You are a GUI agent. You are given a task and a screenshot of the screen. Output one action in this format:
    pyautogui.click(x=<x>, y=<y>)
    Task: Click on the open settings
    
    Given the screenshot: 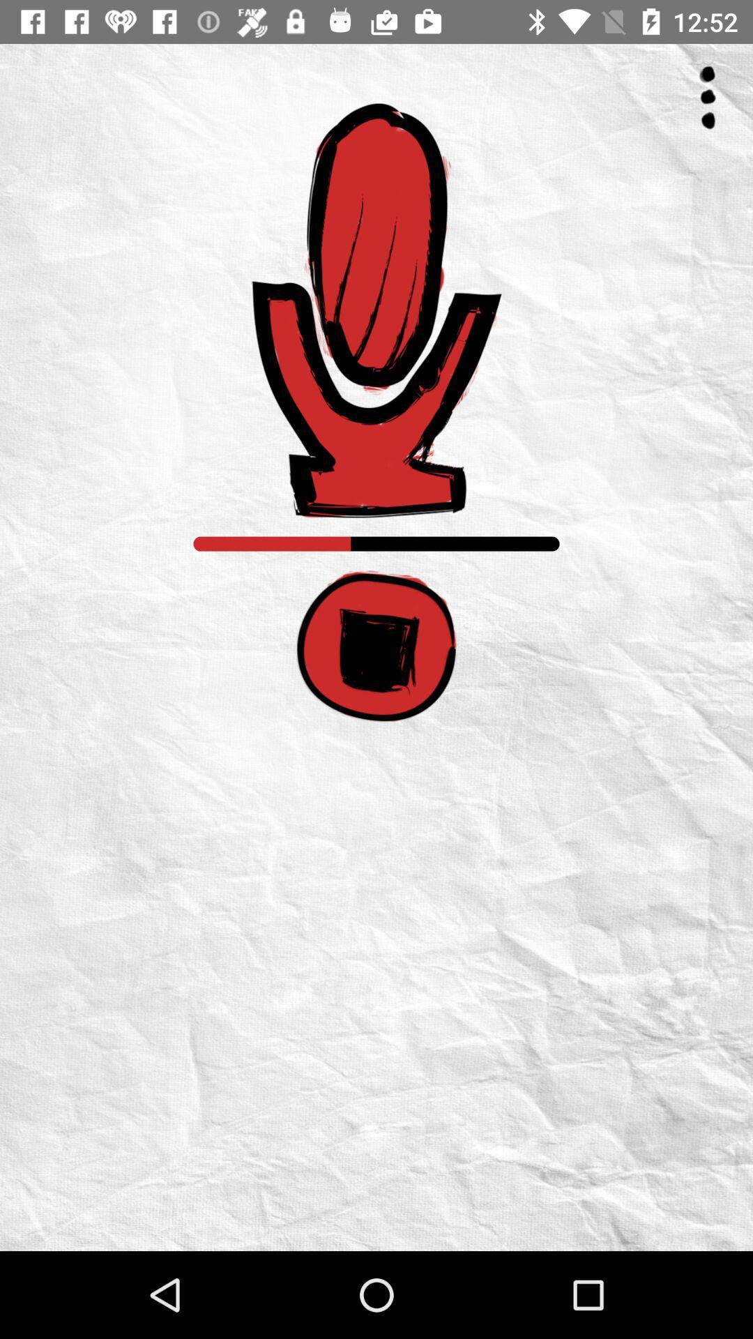 What is the action you would take?
    pyautogui.click(x=708, y=97)
    